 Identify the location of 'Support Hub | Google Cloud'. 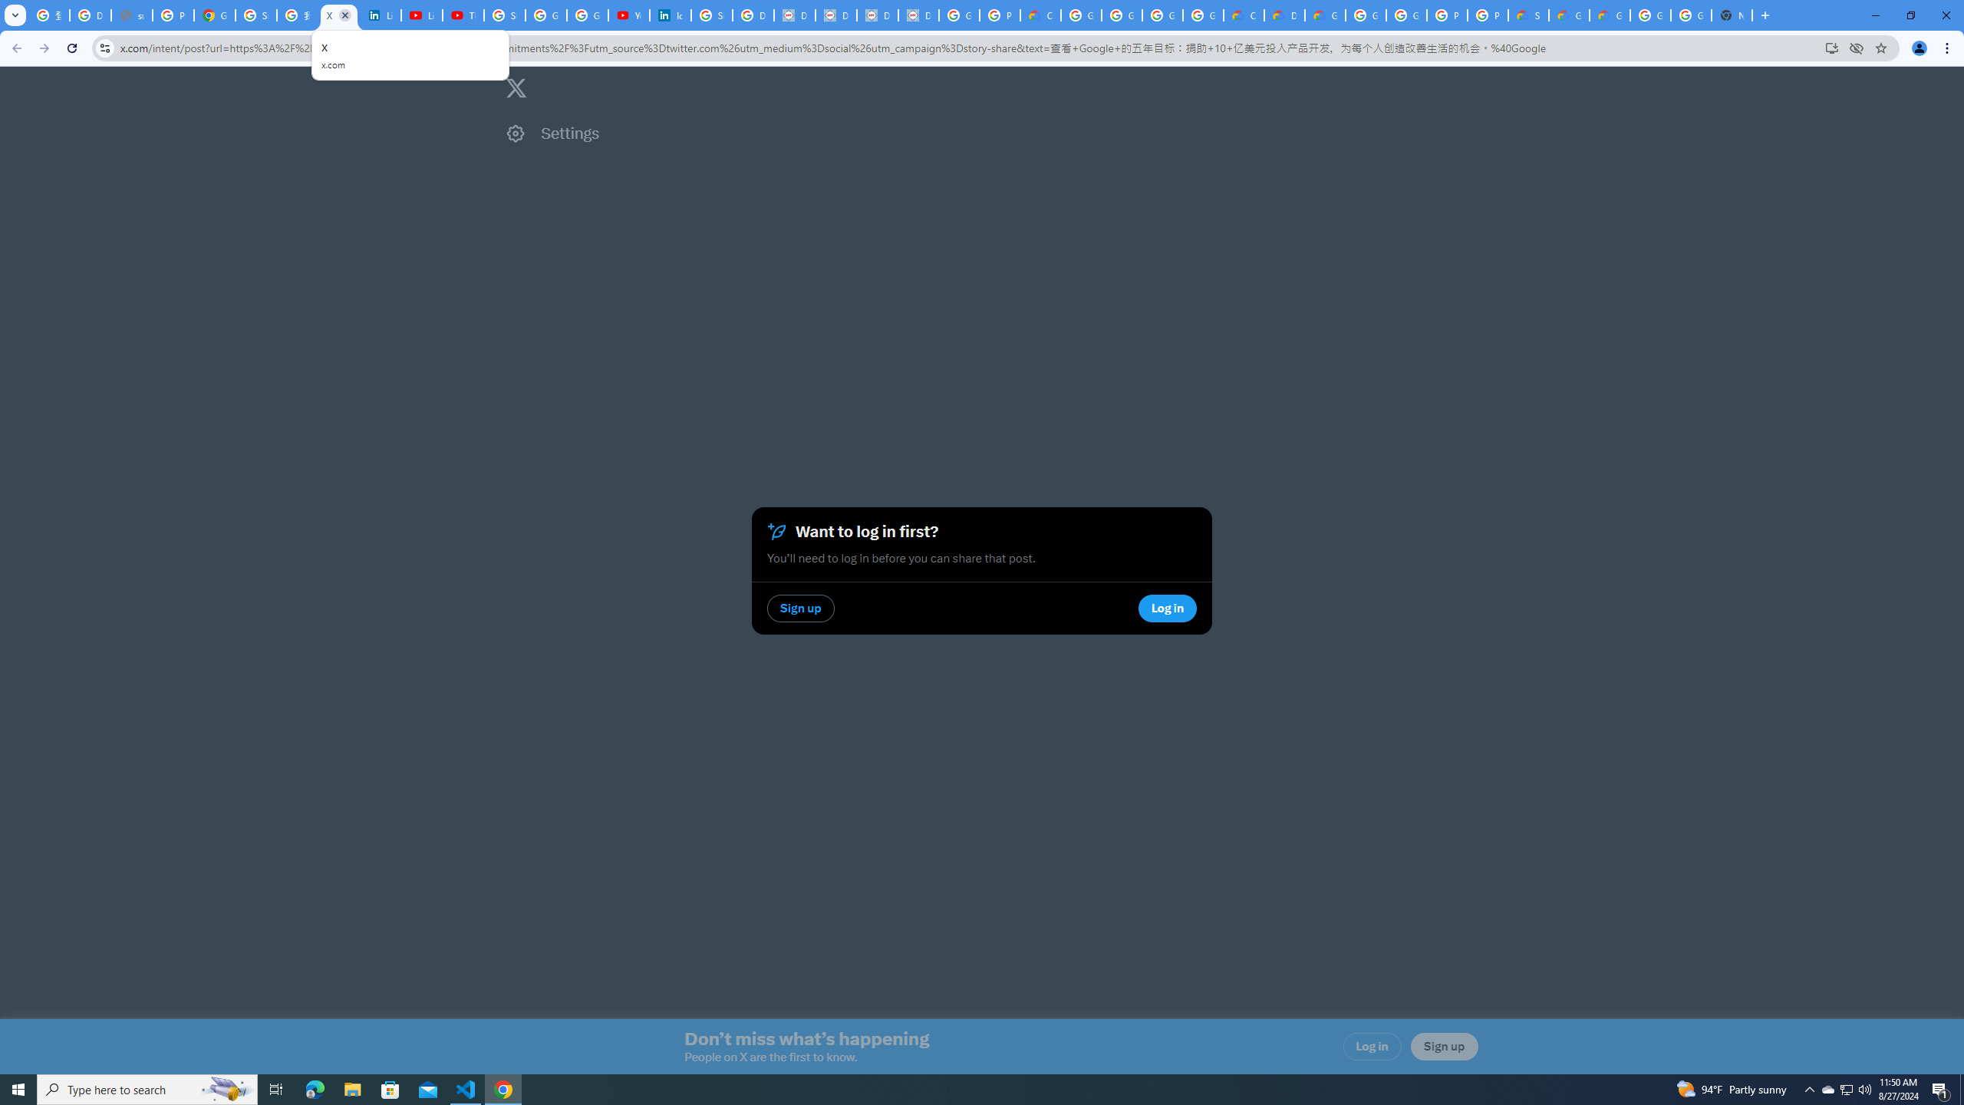
(1527, 15).